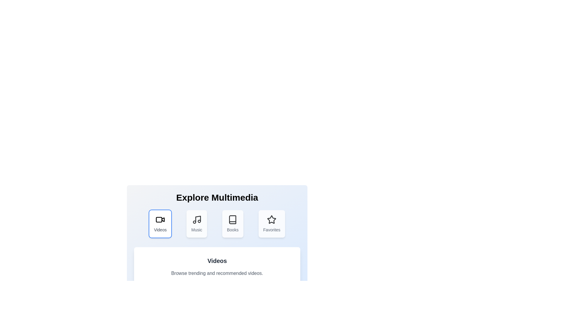  What do you see at coordinates (232, 224) in the screenshot?
I see `the tab labeled Books to view its content` at bounding box center [232, 224].